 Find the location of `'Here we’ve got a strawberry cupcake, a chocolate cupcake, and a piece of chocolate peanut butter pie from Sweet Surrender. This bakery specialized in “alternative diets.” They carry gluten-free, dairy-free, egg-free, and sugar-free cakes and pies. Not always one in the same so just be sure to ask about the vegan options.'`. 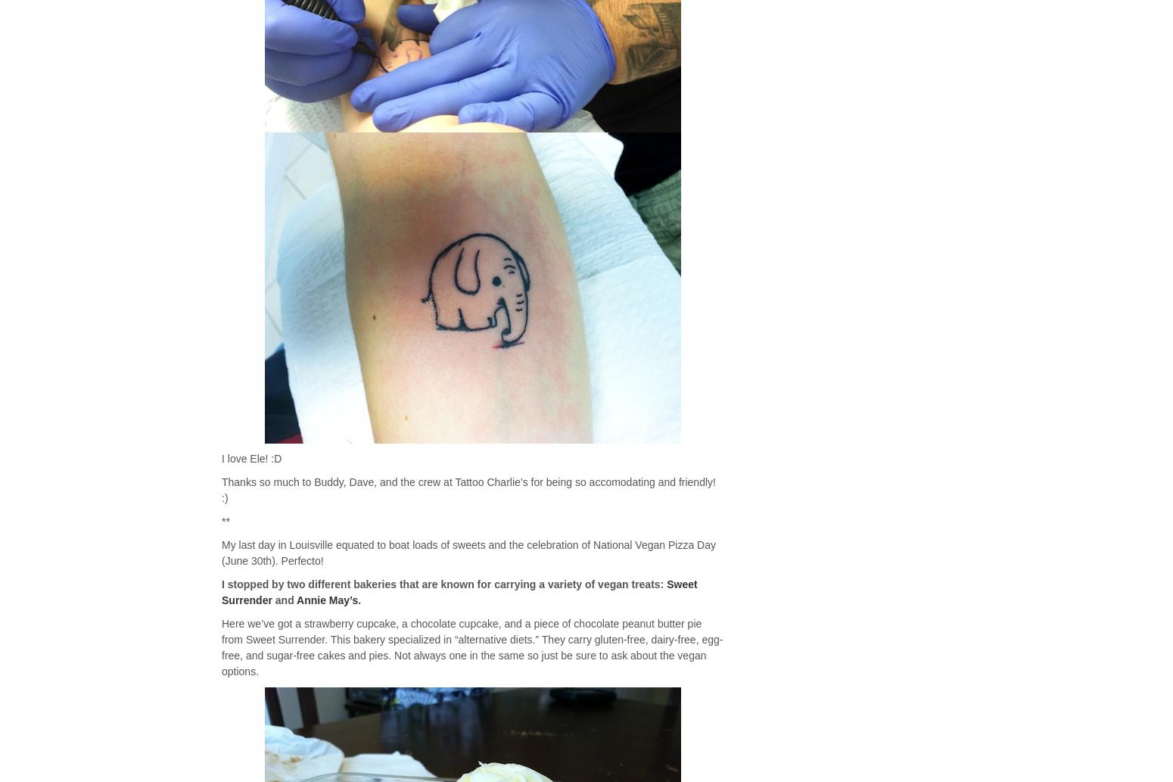

'Here we’ve got a strawberry cupcake, a chocolate cupcake, and a piece of chocolate peanut butter pie from Sweet Surrender. This bakery specialized in “alternative diets.” They carry gluten-free, dairy-free, egg-free, and sugar-free cakes and pies. Not always one in the same so just be sure to ask about the vegan options.' is located at coordinates (471, 647).